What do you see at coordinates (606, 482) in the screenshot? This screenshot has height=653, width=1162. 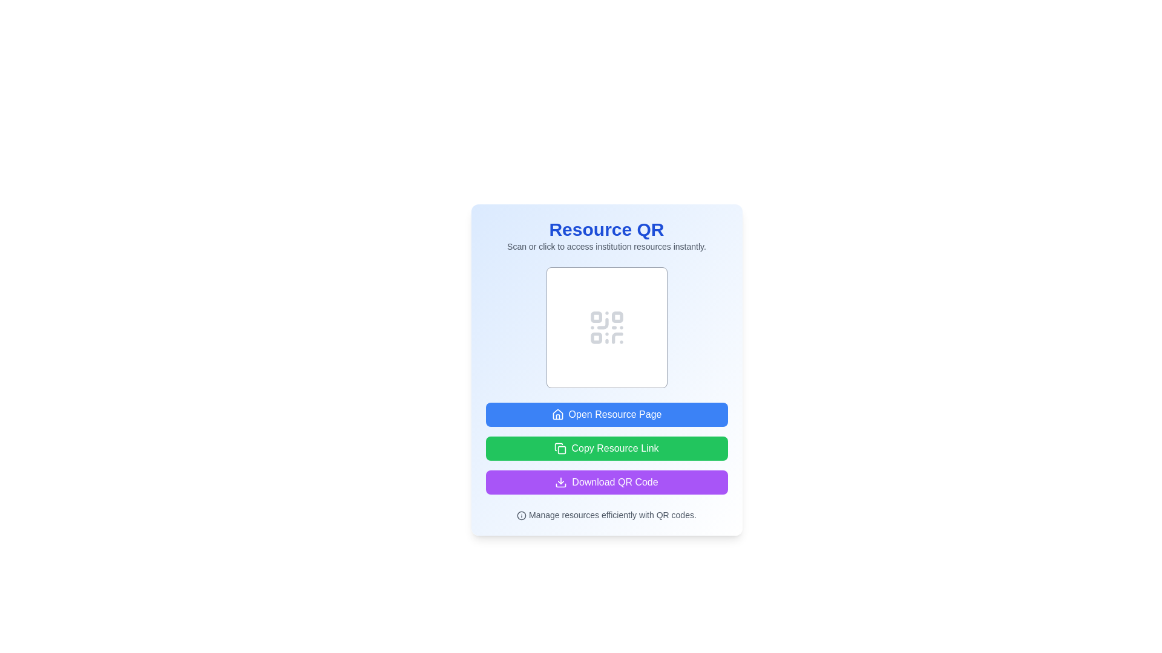 I see `keyboard navigation` at bounding box center [606, 482].